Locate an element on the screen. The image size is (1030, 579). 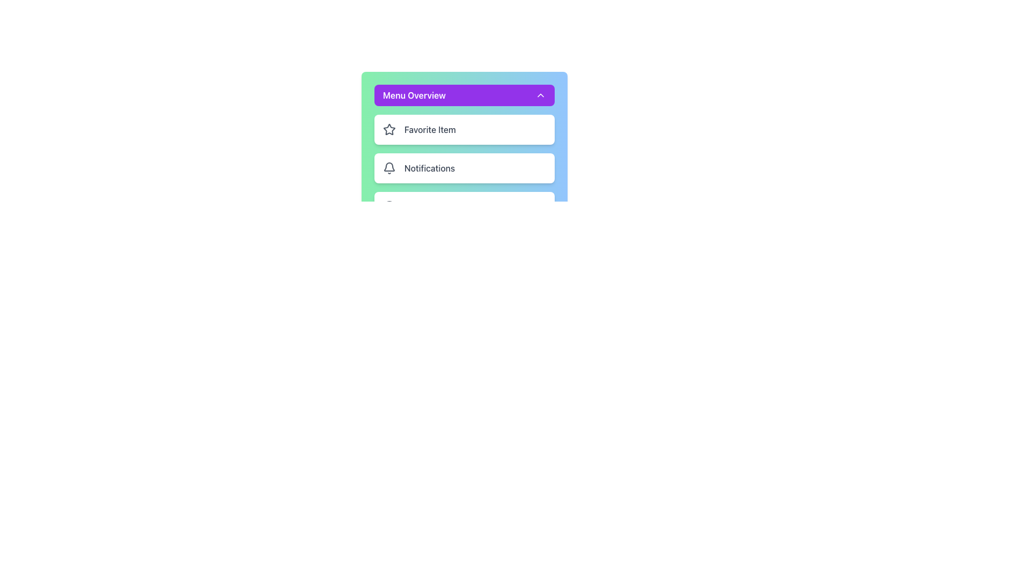
the 'Notifications' text label, which is displayed in gray within a rounded rectangular menu item, located to the right of a bell icon and below the 'Favorite Item' option is located at coordinates (430, 168).